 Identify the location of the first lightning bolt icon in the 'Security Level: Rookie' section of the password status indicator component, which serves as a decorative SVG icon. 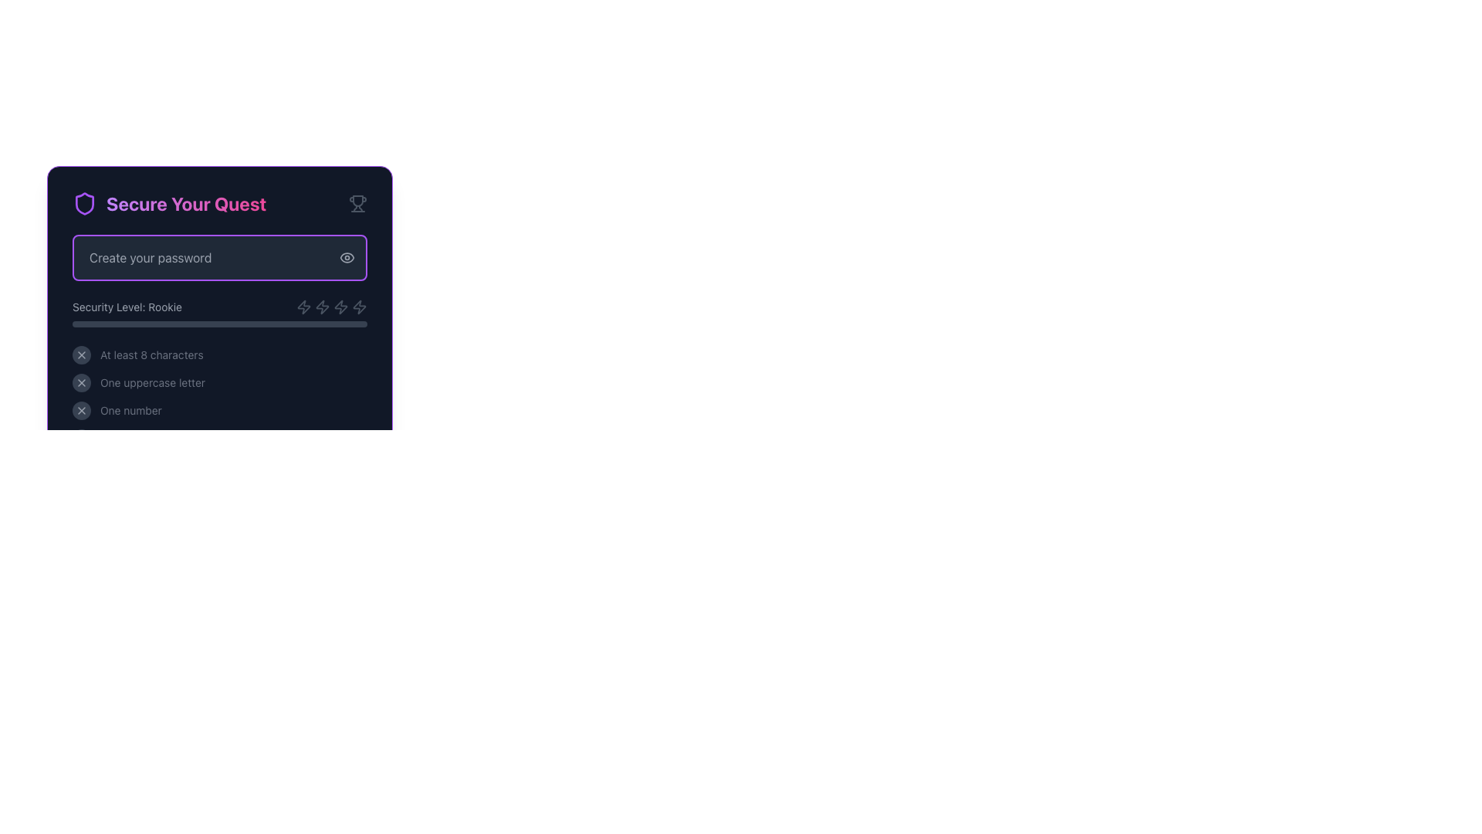
(303, 307).